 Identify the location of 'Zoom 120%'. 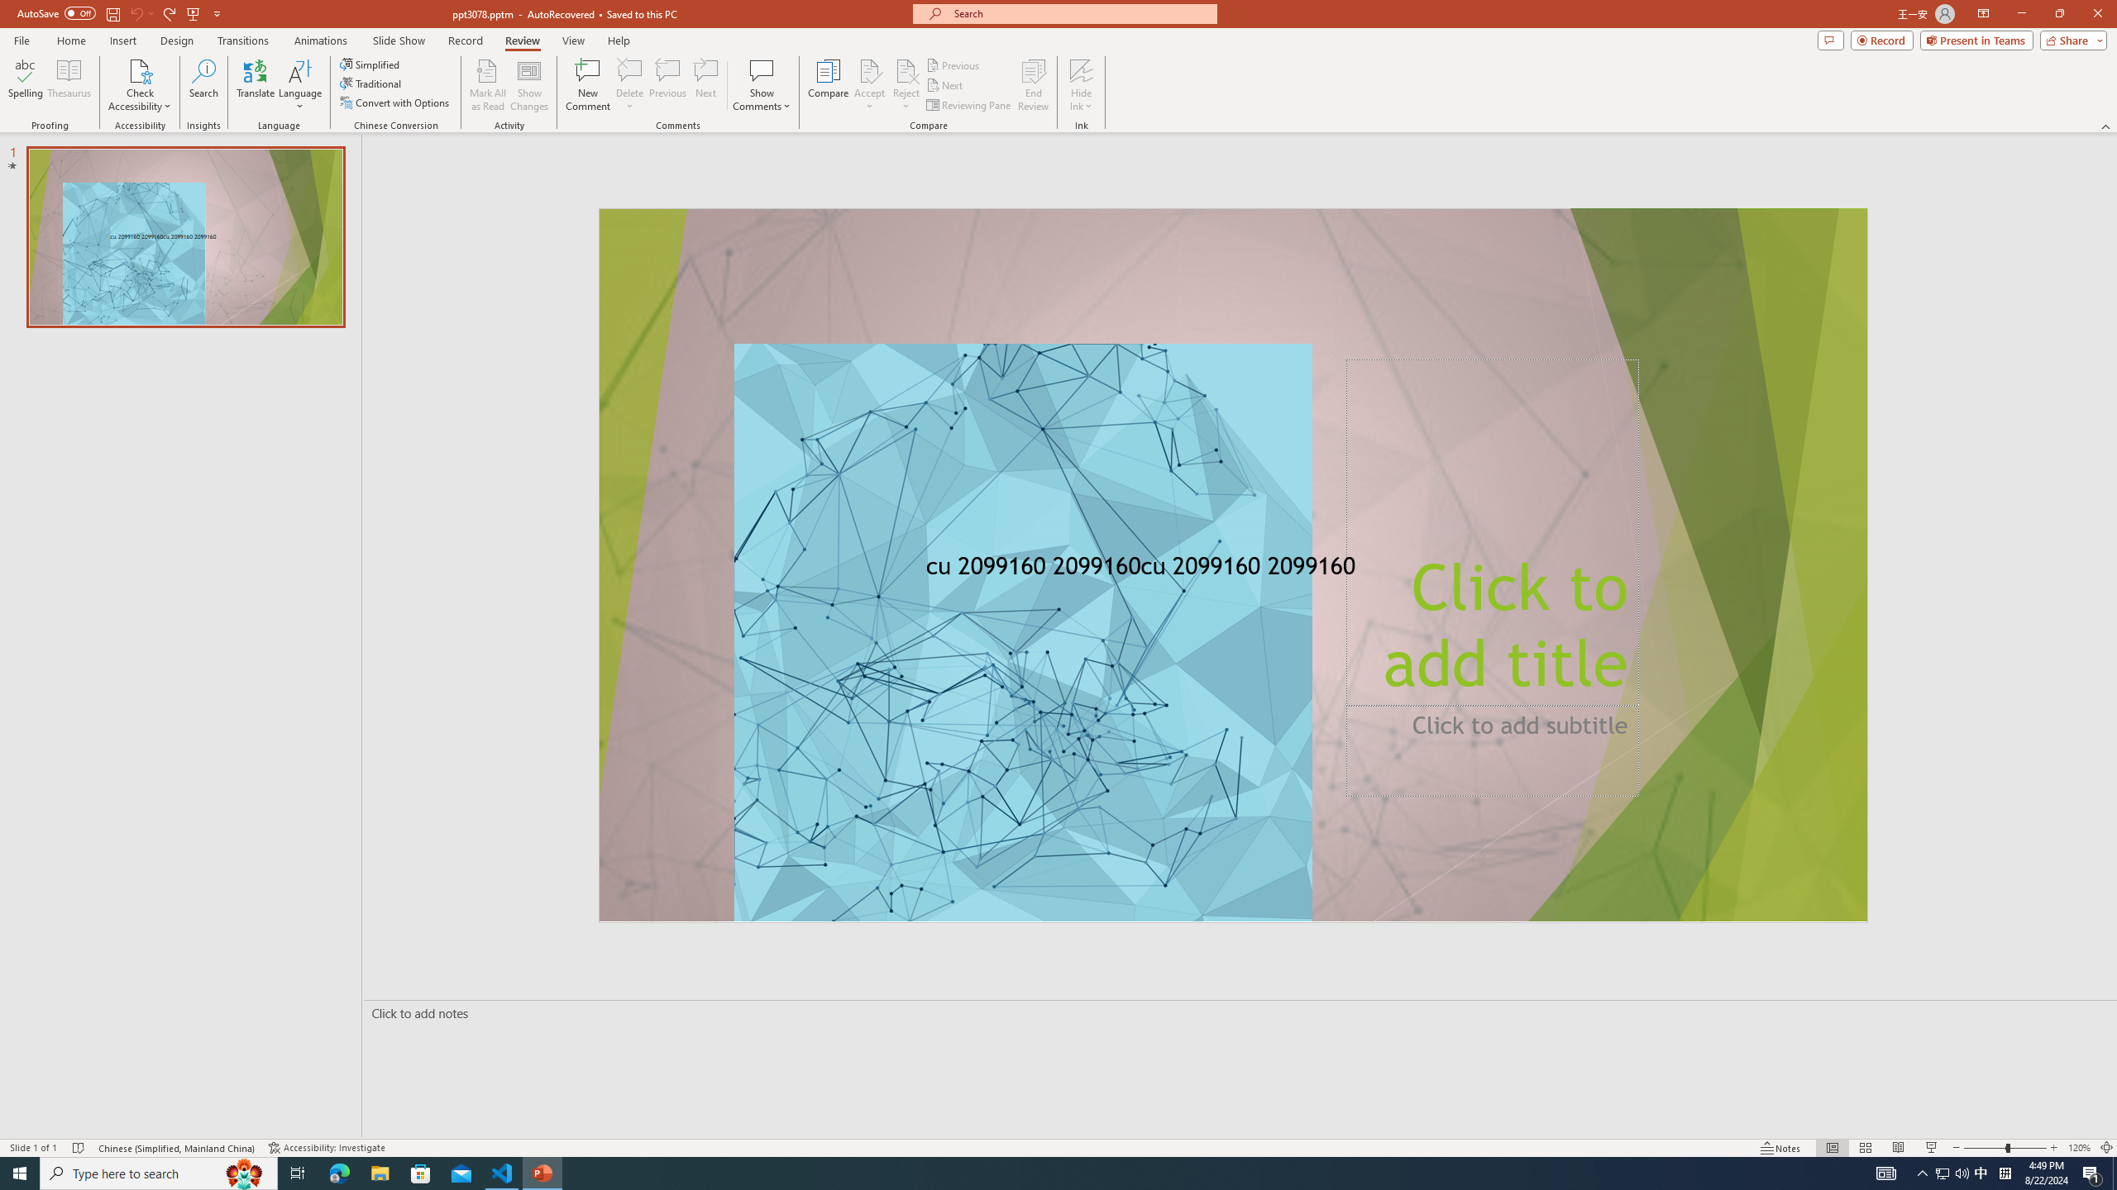
(2080, 1148).